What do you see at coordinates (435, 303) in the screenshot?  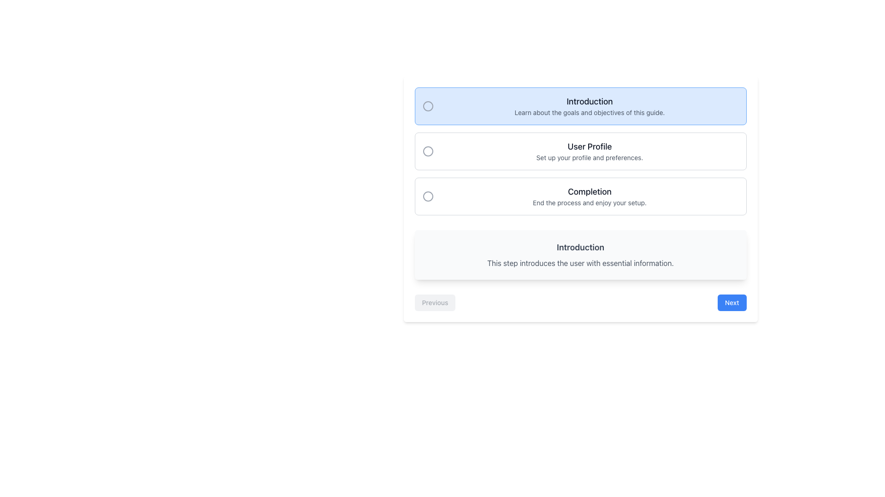 I see `the disabled 'Previous' button located near the bottom-left corner of the UI section` at bounding box center [435, 303].